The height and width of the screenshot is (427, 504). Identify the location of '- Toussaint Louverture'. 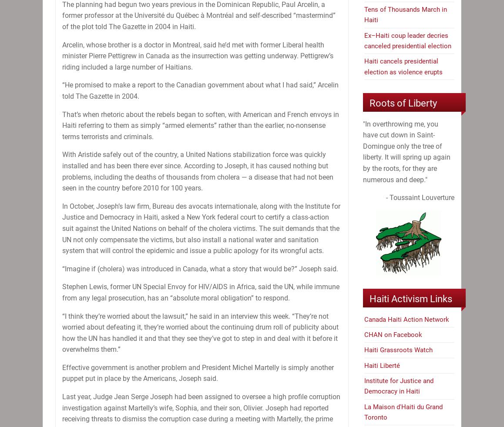
(420, 197).